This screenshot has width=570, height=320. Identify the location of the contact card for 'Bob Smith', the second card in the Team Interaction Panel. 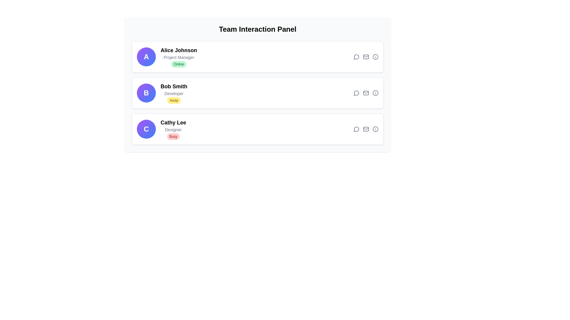
(258, 93).